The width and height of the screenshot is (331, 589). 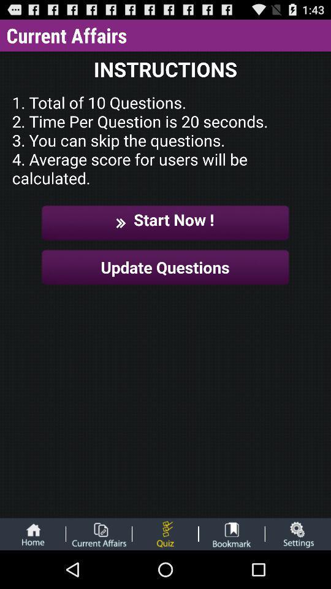 I want to click on settings, so click(x=297, y=533).